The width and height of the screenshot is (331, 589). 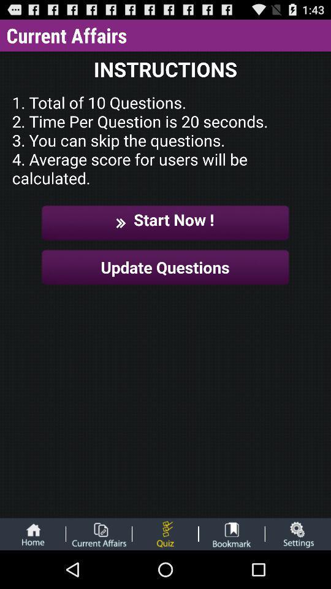 I want to click on settings, so click(x=297, y=533).